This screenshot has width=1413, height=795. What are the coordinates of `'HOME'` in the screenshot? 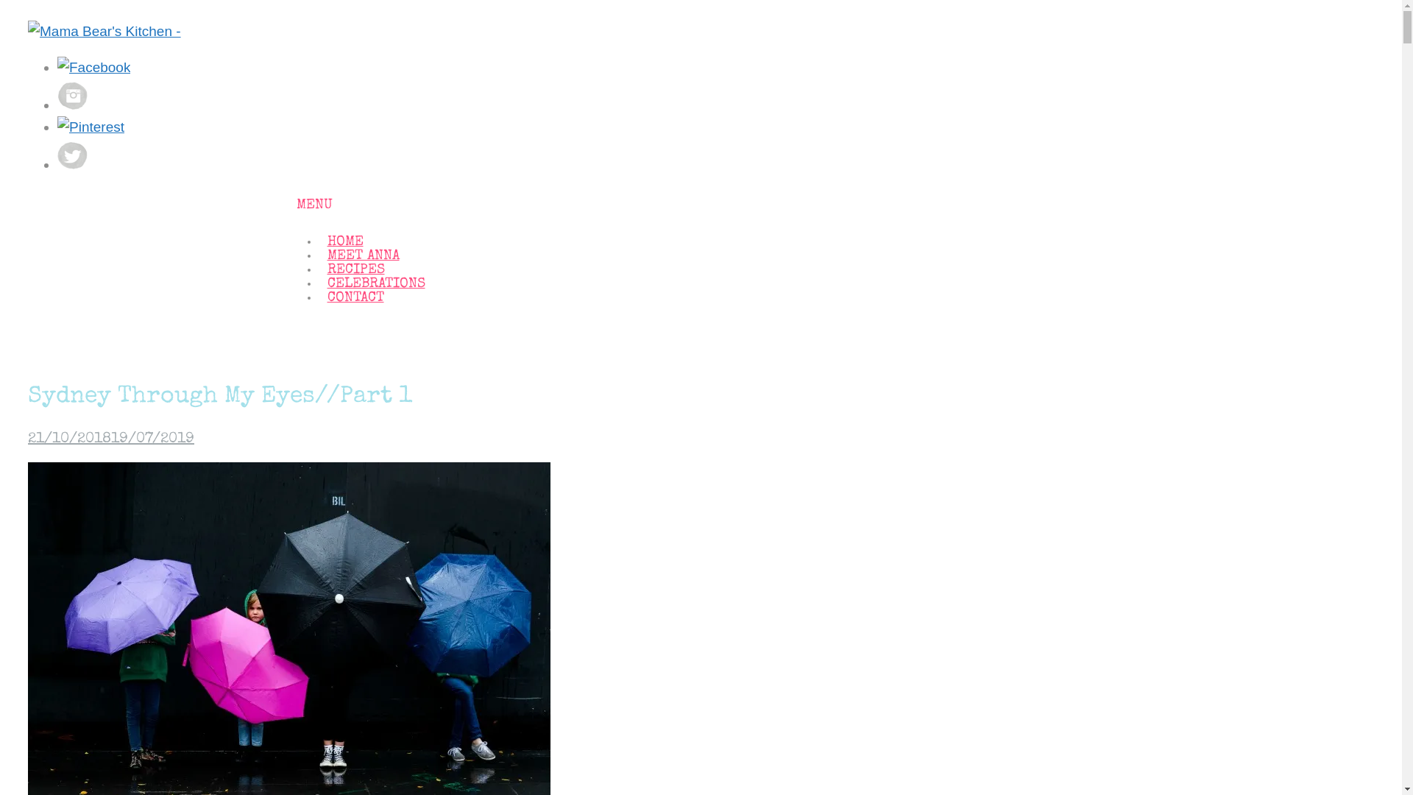 It's located at (344, 241).